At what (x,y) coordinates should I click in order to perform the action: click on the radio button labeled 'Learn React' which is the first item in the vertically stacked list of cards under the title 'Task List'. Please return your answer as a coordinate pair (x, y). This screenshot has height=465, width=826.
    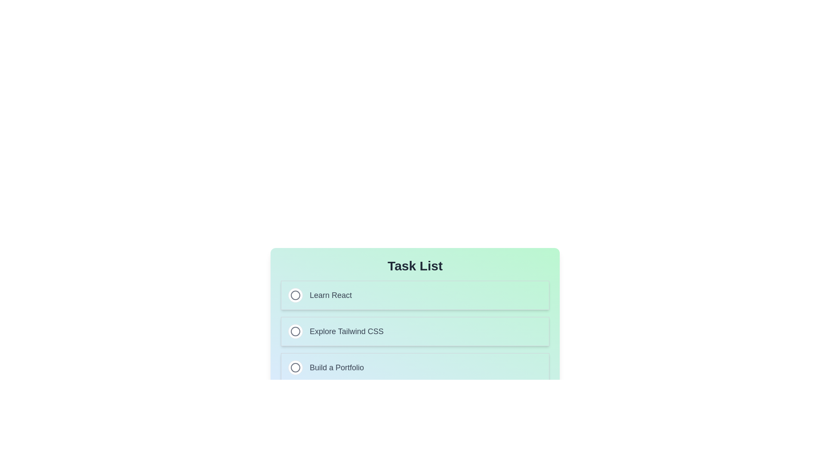
    Looking at the image, I should click on (415, 295).